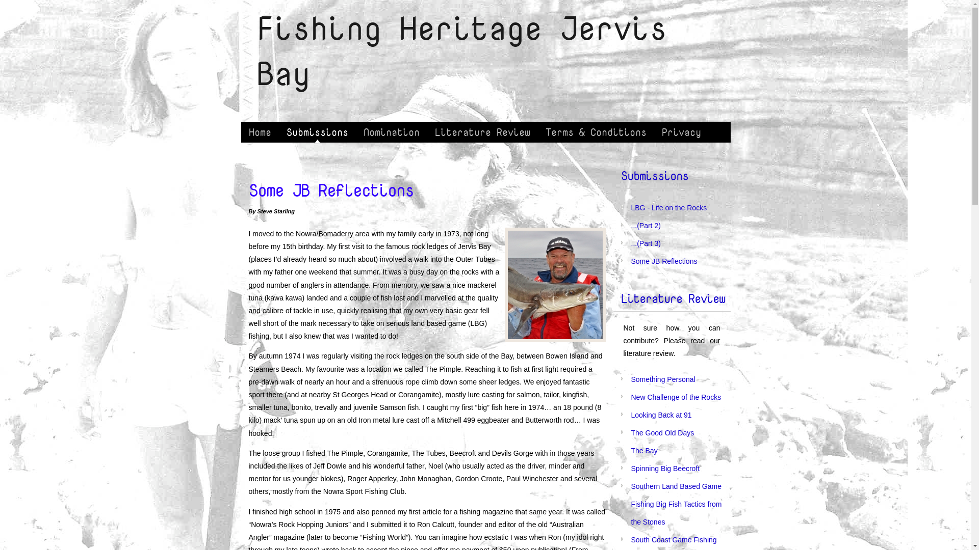  Describe the element at coordinates (391, 131) in the screenshot. I see `'Nomination'` at that location.